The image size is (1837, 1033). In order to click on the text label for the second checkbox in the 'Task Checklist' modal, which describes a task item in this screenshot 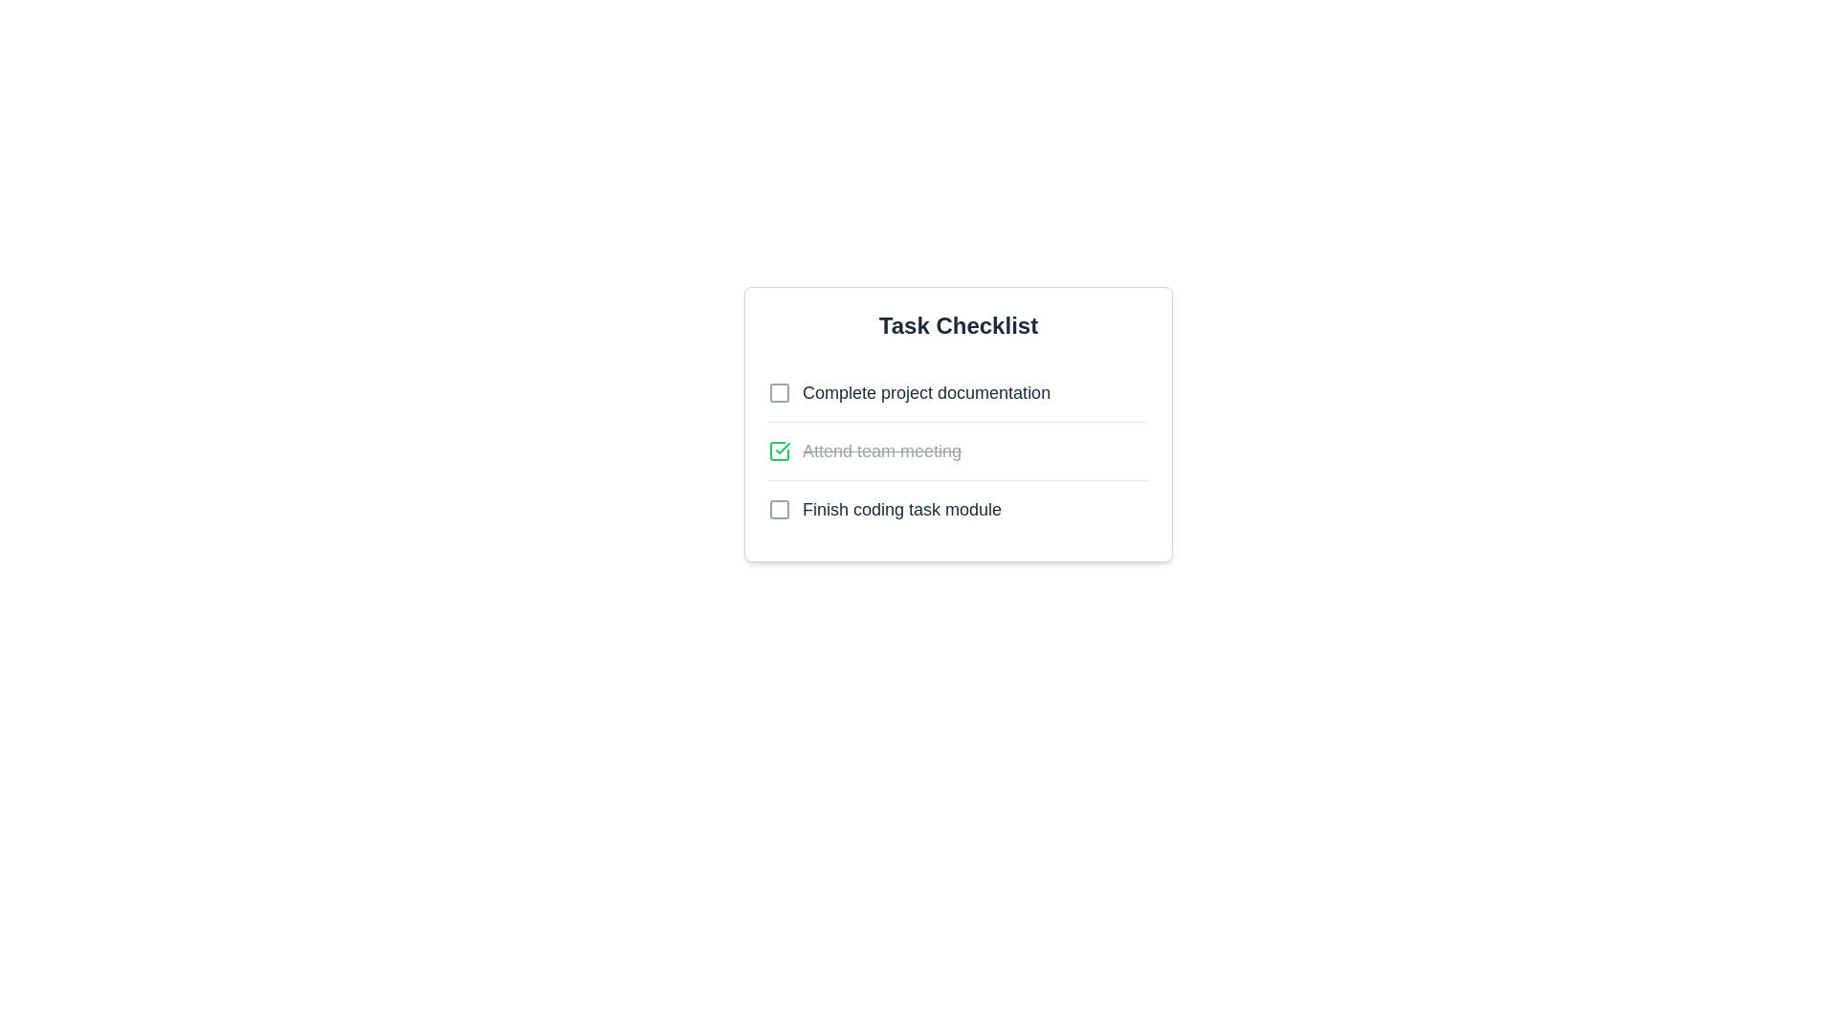, I will do `click(880, 451)`.